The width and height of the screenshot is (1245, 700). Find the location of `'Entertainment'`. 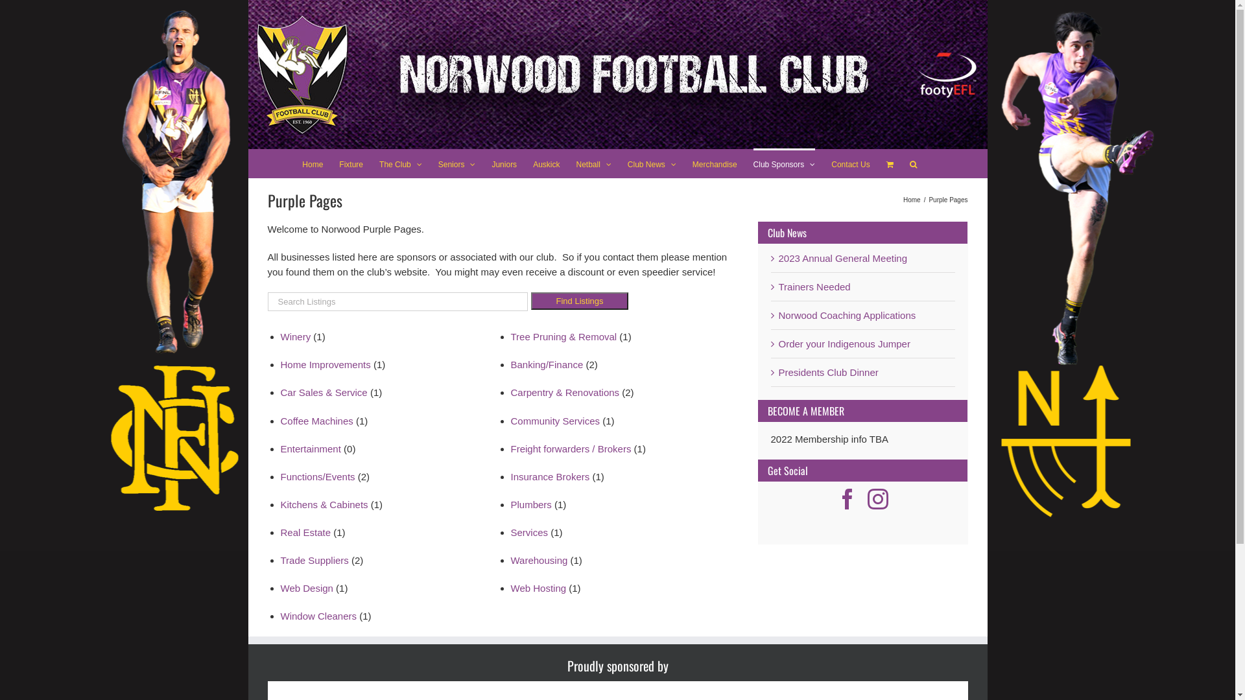

'Entertainment' is located at coordinates (309, 448).